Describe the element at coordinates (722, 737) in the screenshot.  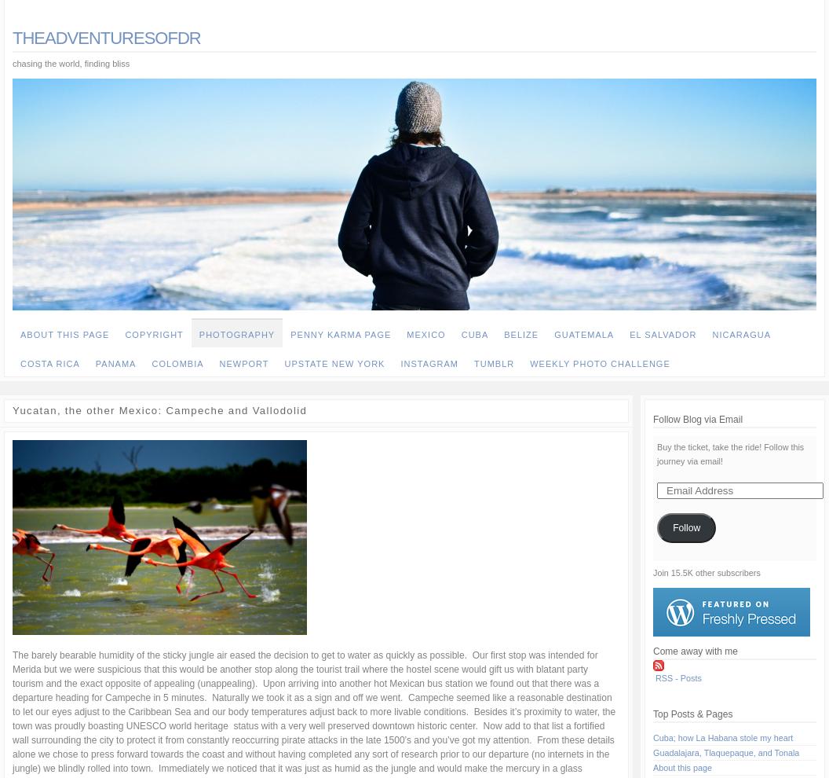
I see `'Cuba; how La Habana stole my heart'` at that location.